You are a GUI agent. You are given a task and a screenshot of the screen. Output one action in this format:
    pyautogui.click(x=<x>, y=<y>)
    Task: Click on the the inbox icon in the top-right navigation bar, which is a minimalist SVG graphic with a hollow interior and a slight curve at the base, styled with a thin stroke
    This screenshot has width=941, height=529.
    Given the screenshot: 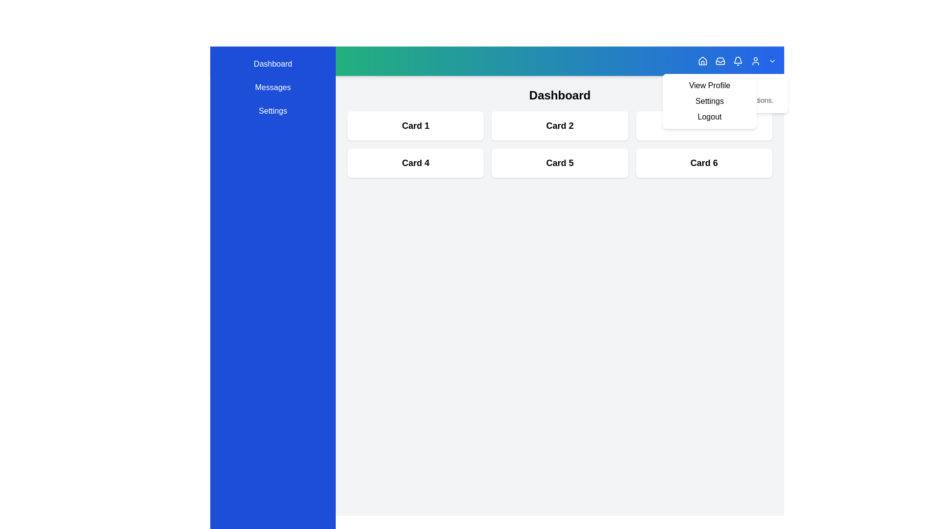 What is the action you would take?
    pyautogui.click(x=720, y=61)
    